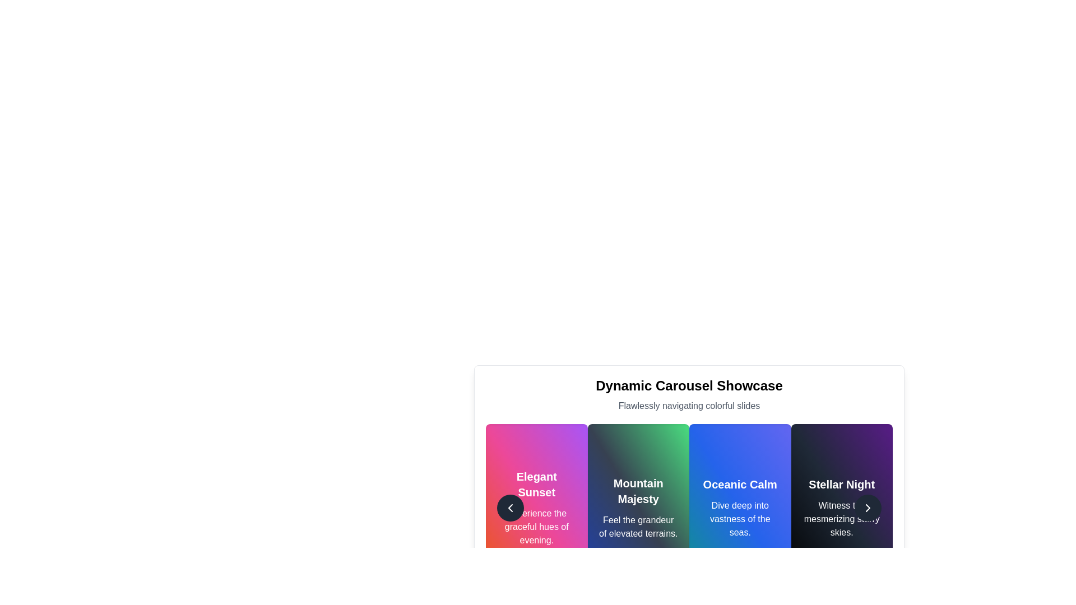  I want to click on the button that navigates to the previous item in the carousel, positioned to the left of the 'Elegant Sunset' card, so click(510, 508).